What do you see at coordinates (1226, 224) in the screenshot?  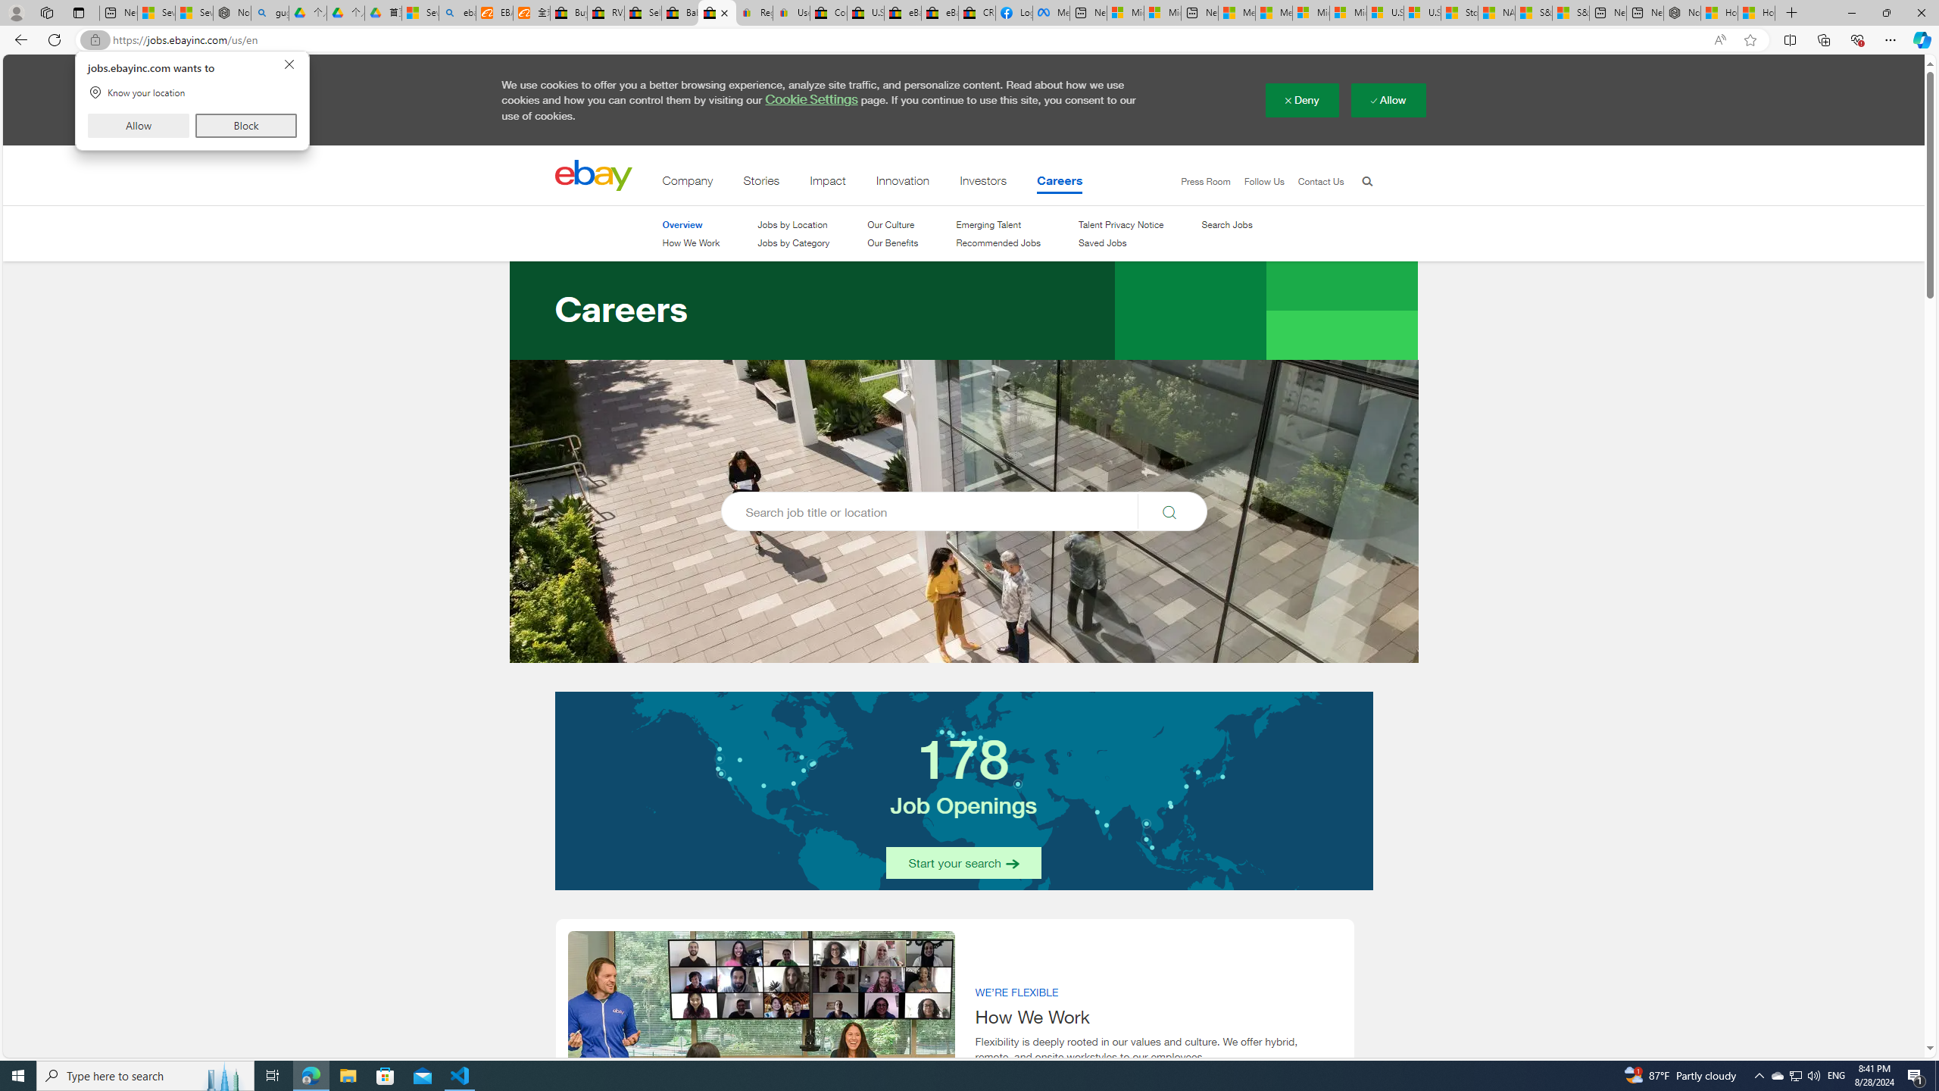 I see `'Search Jobs'` at bounding box center [1226, 224].